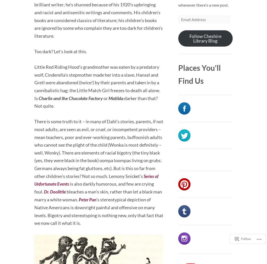 The image size is (267, 264). What do you see at coordinates (98, 195) in the screenshot?
I see `'bleaches a man’s skin, rather than let a black man marry a white woman.'` at bounding box center [98, 195].